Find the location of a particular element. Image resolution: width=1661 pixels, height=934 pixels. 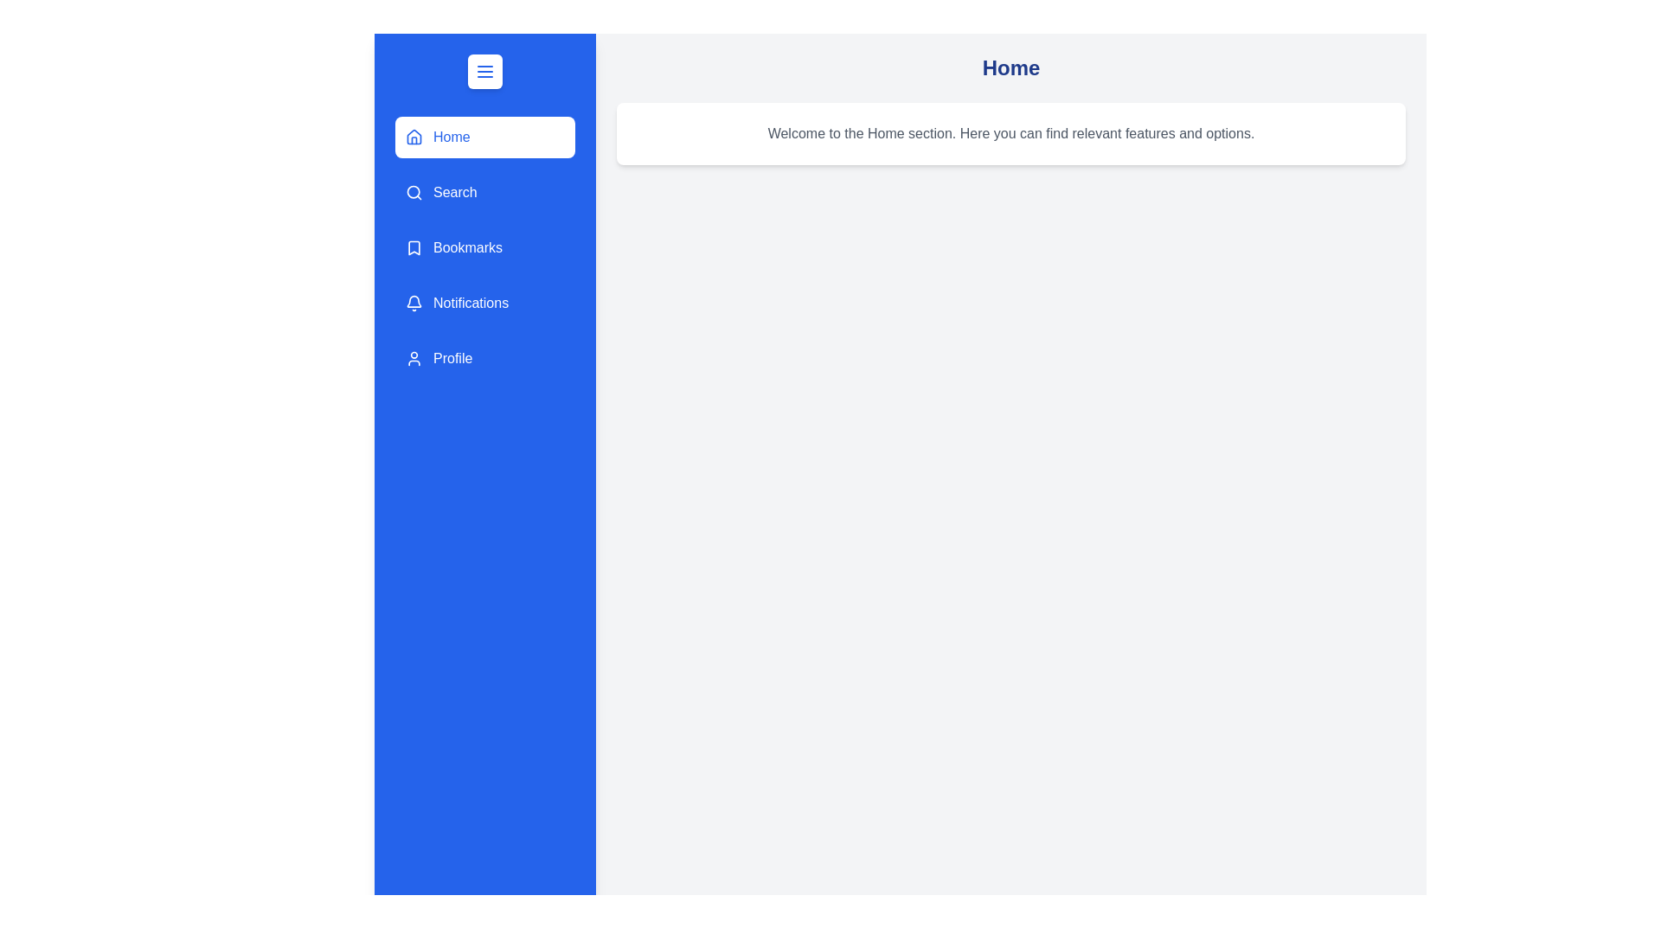

the menu button to toggle the drawer open or closed is located at coordinates (484, 71).